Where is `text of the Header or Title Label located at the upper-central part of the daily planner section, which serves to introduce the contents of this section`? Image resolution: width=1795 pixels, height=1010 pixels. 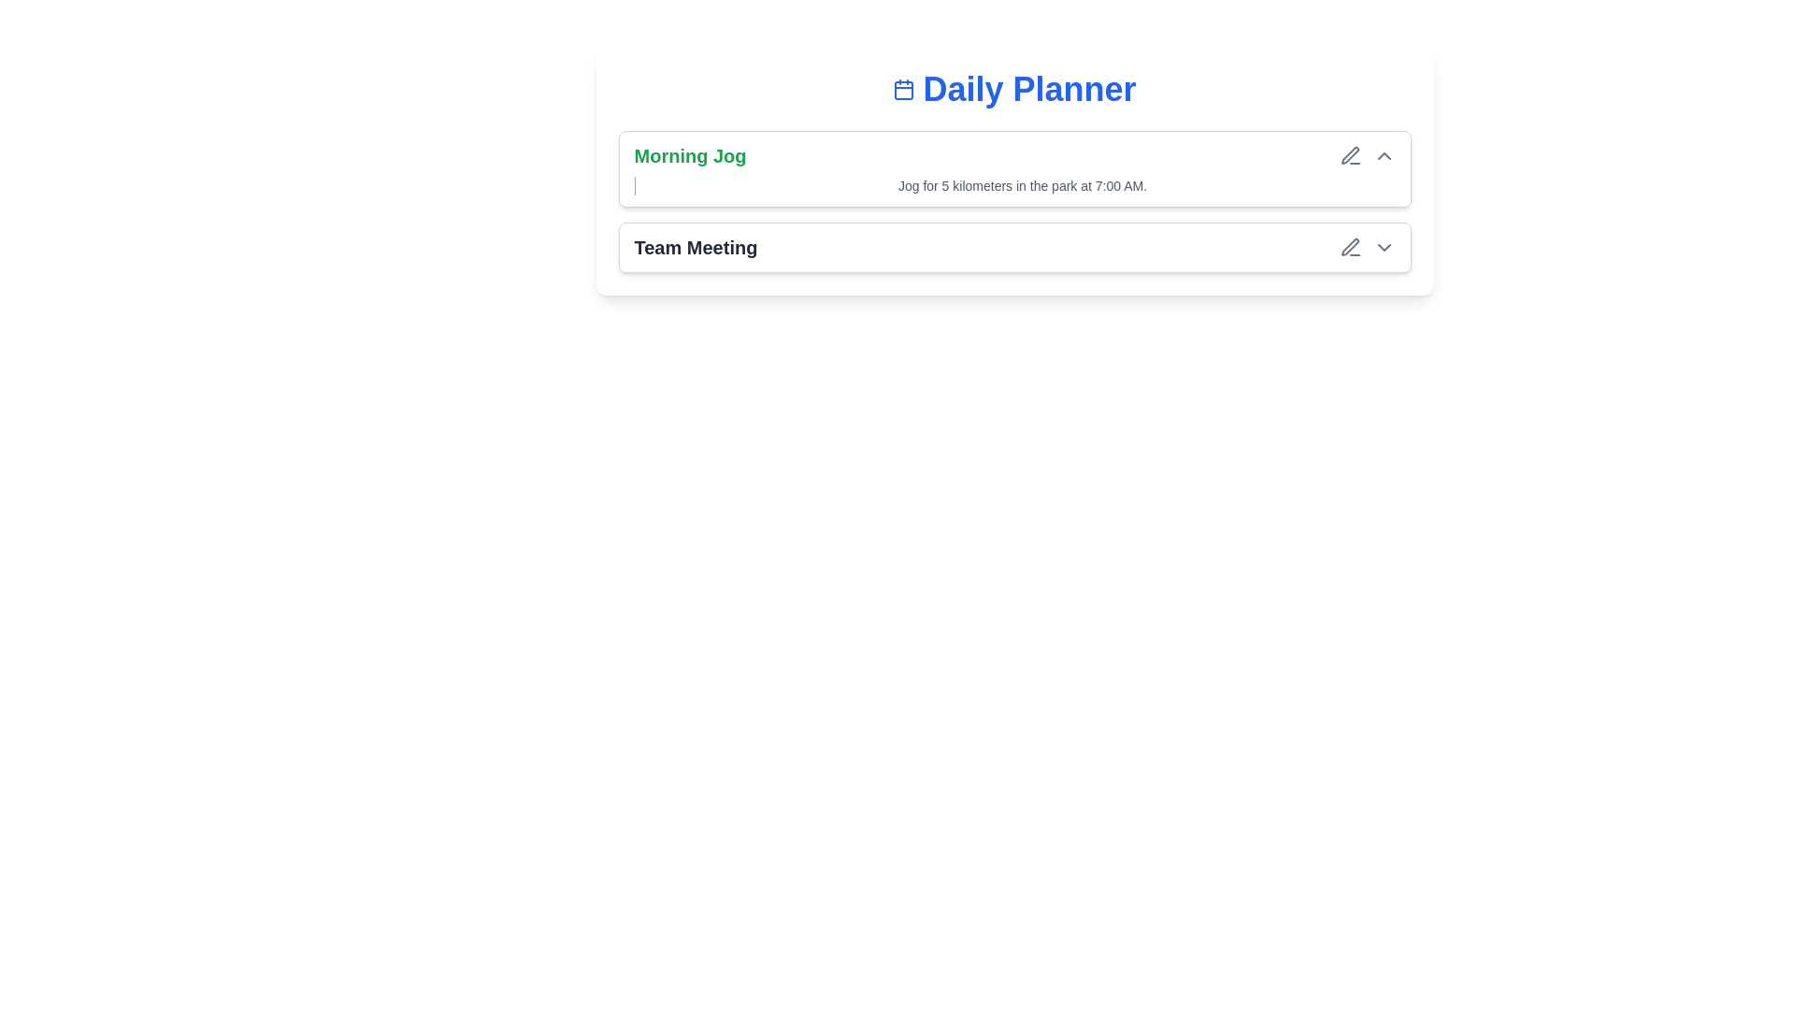 text of the Header or Title Label located at the upper-central part of the daily planner section, which serves to introduce the contents of this section is located at coordinates (1013, 90).